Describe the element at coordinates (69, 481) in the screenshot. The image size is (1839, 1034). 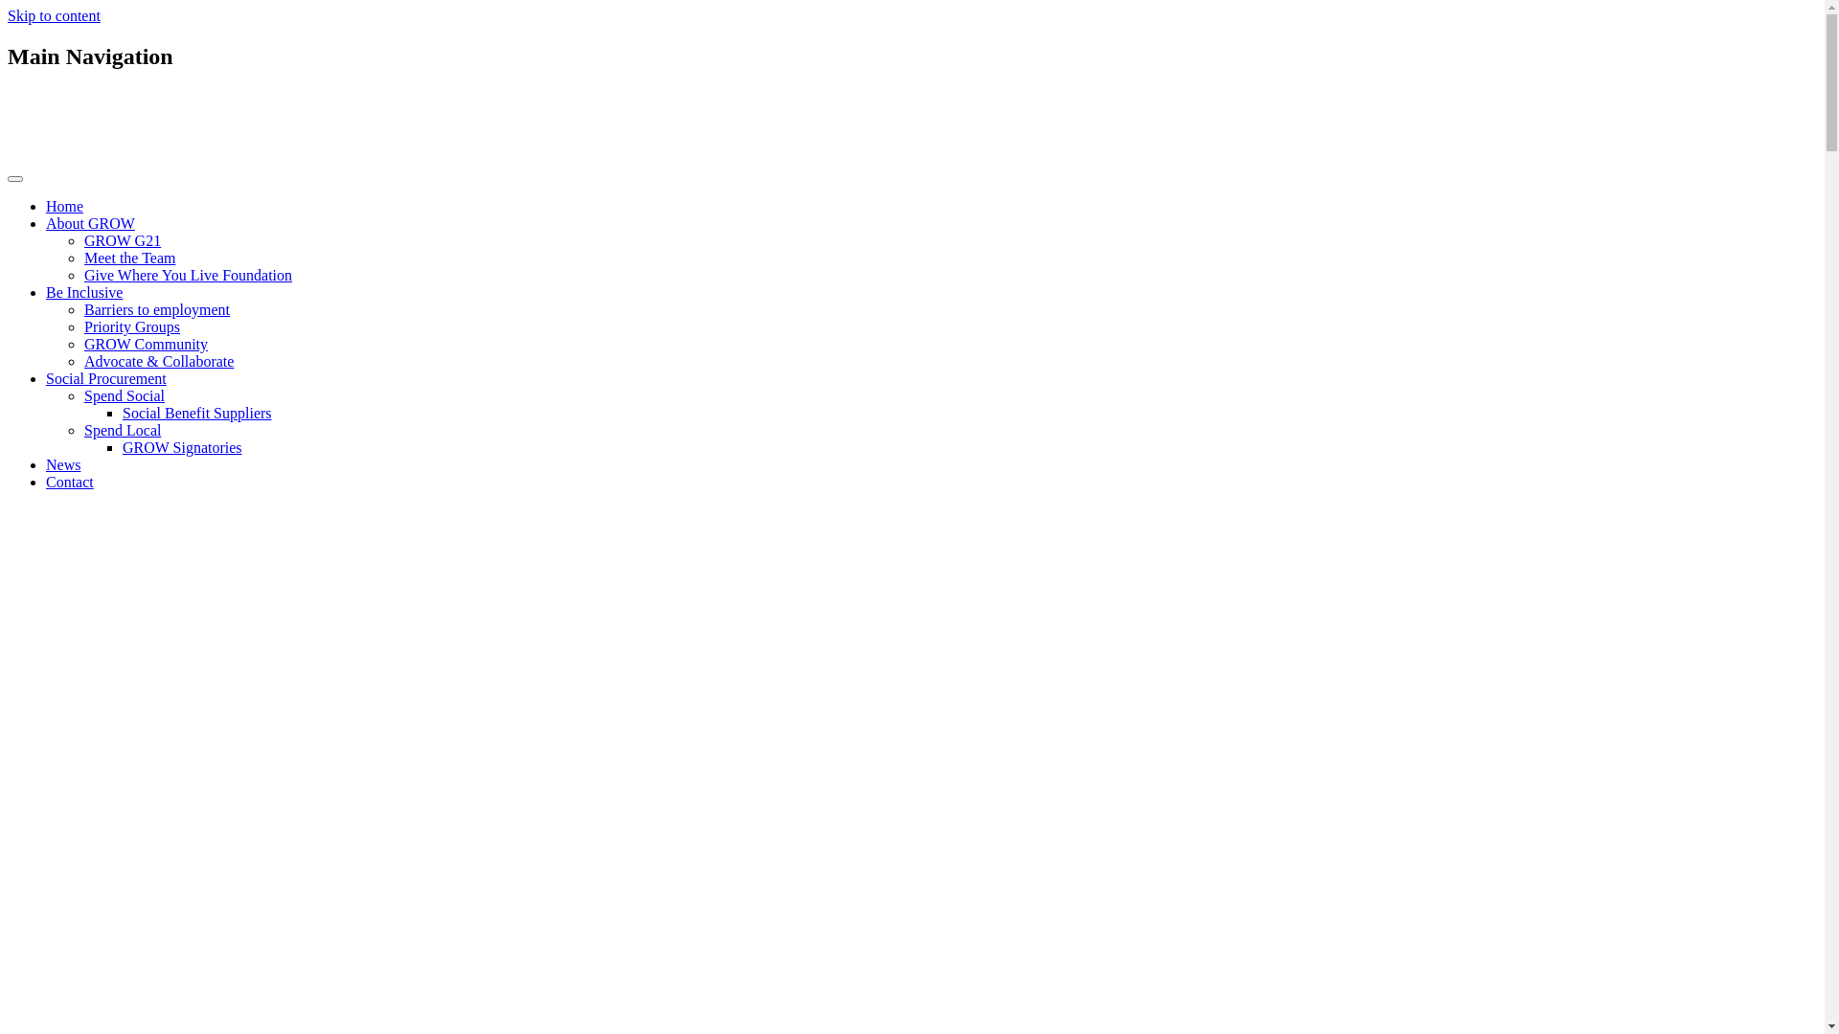
I see `'Contact'` at that location.